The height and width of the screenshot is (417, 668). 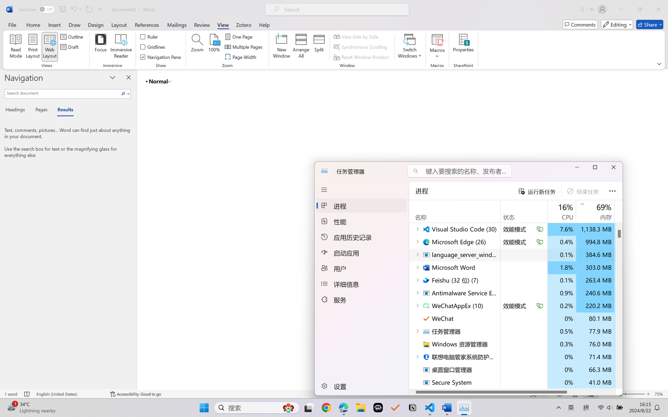 What do you see at coordinates (76, 9) in the screenshot?
I see `'Undo <ApplyStyleToDoc>b__0'` at bounding box center [76, 9].